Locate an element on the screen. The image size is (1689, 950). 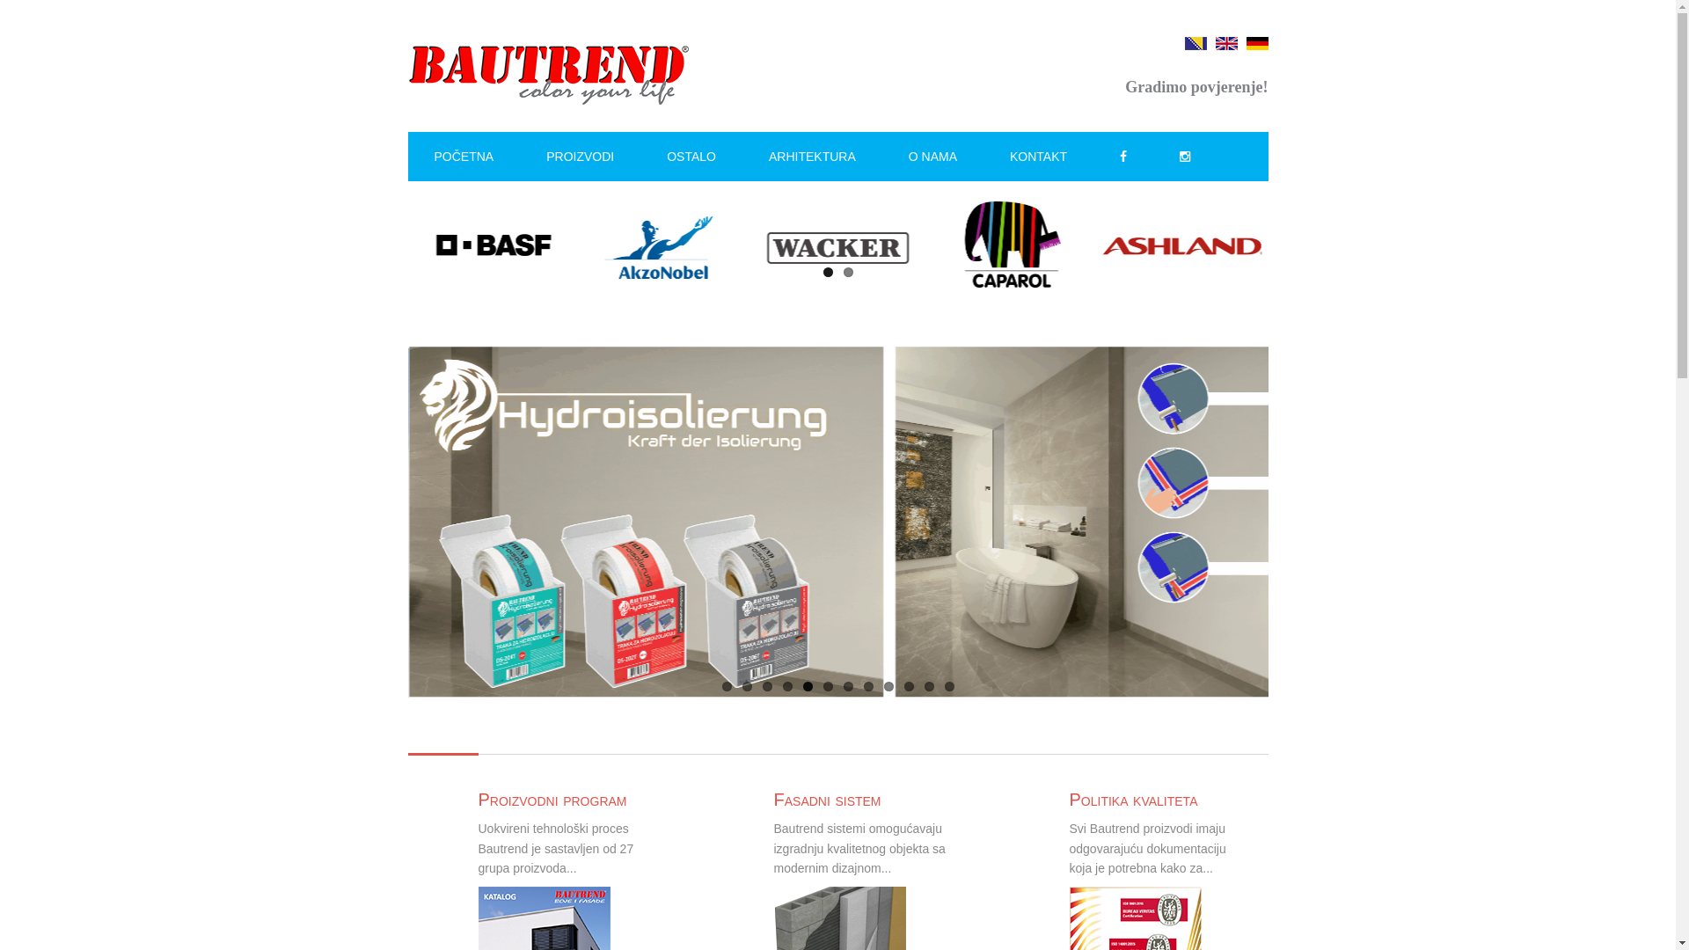
'Politika kvaliteta' is located at coordinates (1068, 800).